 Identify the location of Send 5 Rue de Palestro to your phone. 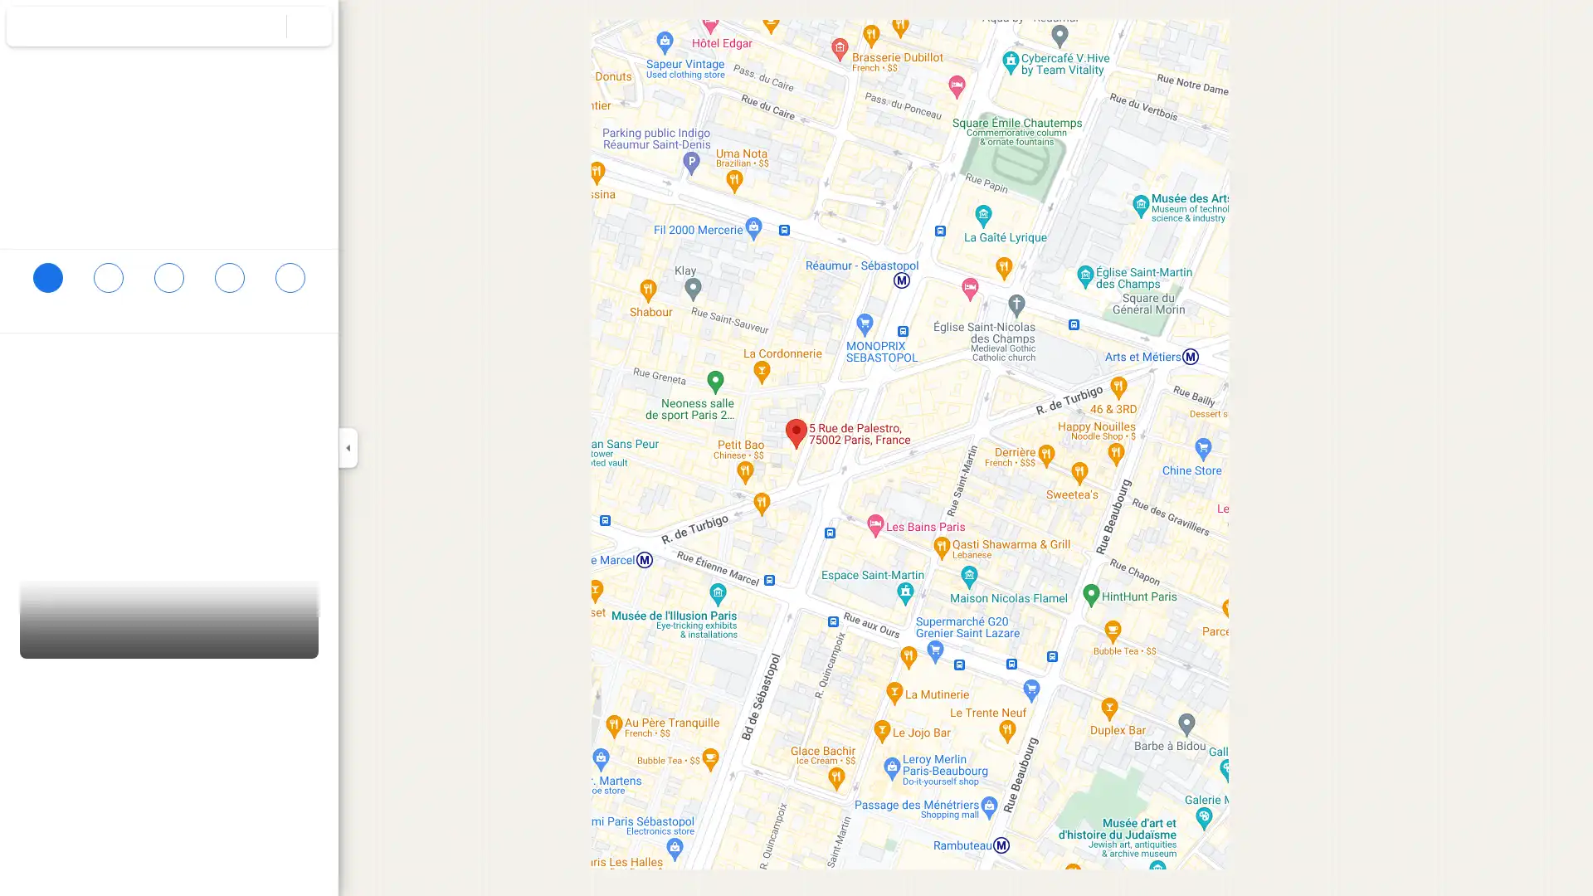
(228, 290).